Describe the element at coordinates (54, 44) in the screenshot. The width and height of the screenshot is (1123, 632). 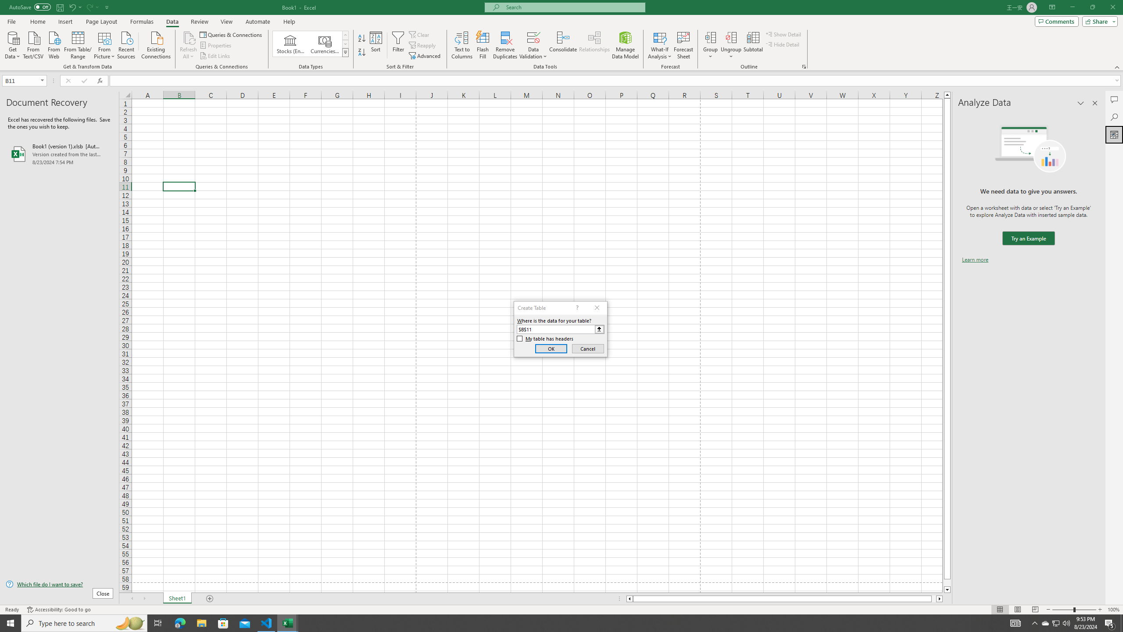
I see `'From Web'` at that location.